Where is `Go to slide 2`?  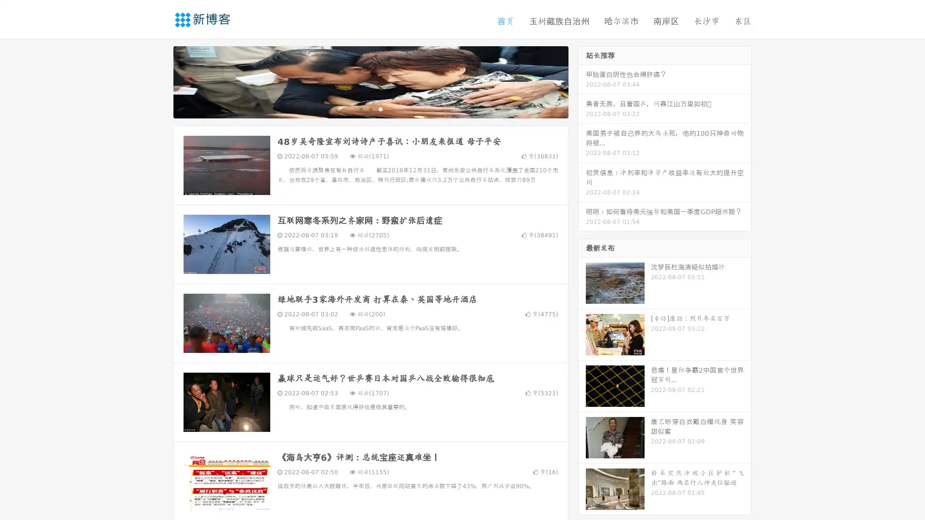
Go to slide 2 is located at coordinates (370, 108).